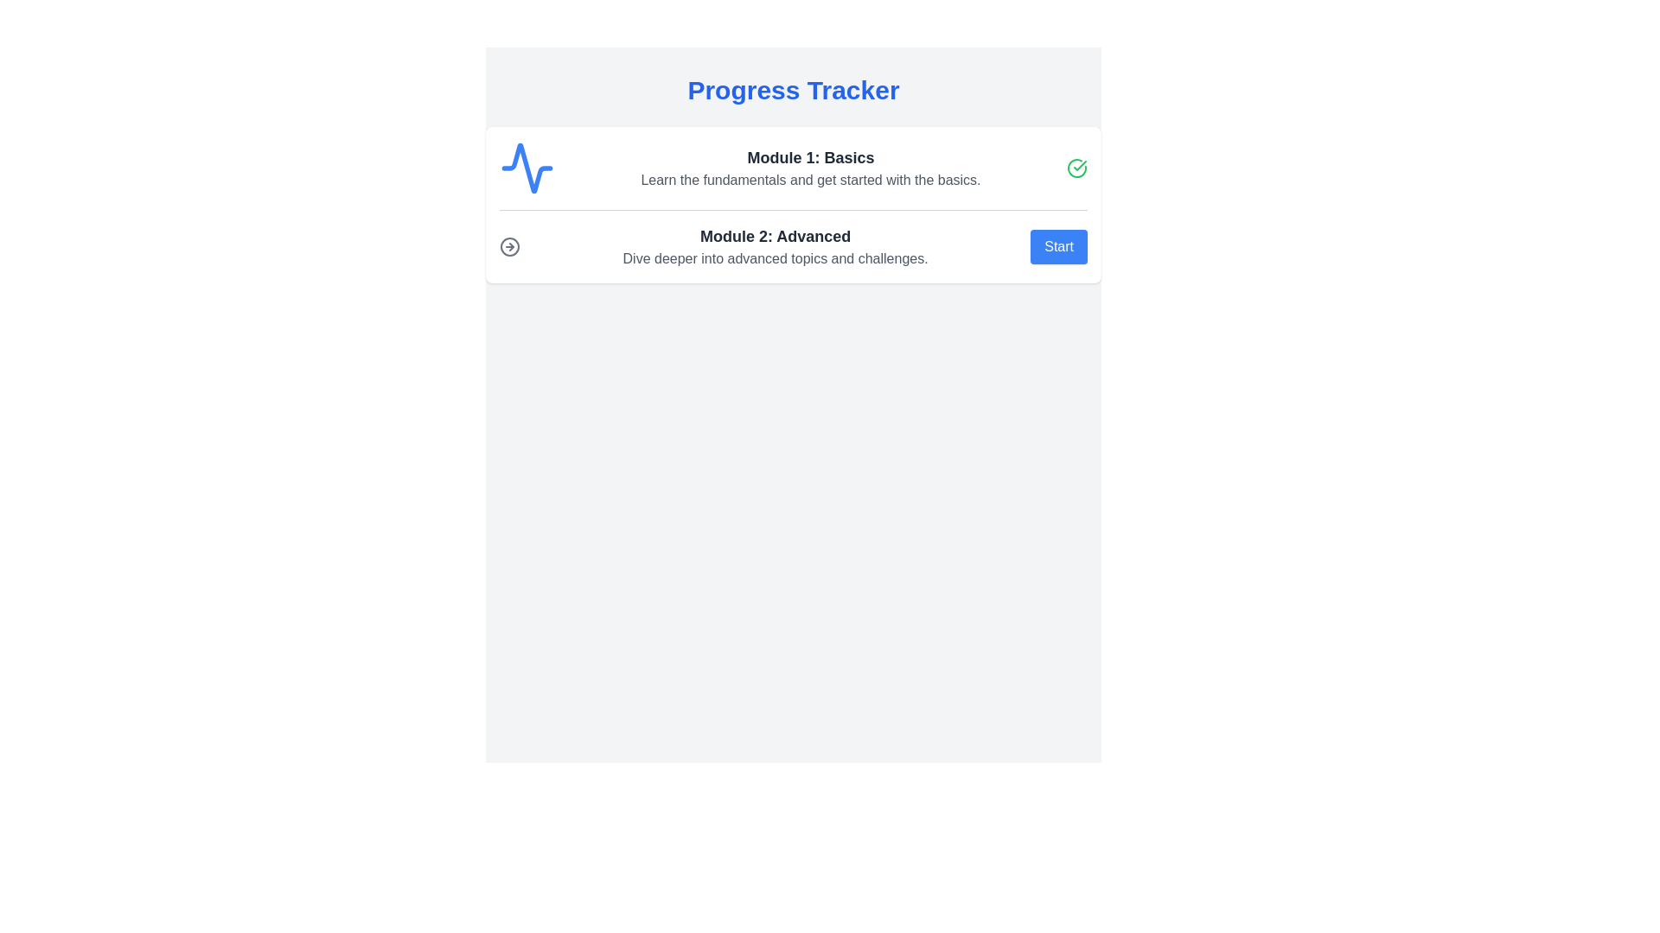 Image resolution: width=1660 pixels, height=933 pixels. Describe the element at coordinates (809, 180) in the screenshot. I see `text string 'Learn the fundamentals and get started with the basics.' that is displayed in gray color beneath the bold title 'Module 1: Basics.'` at that location.